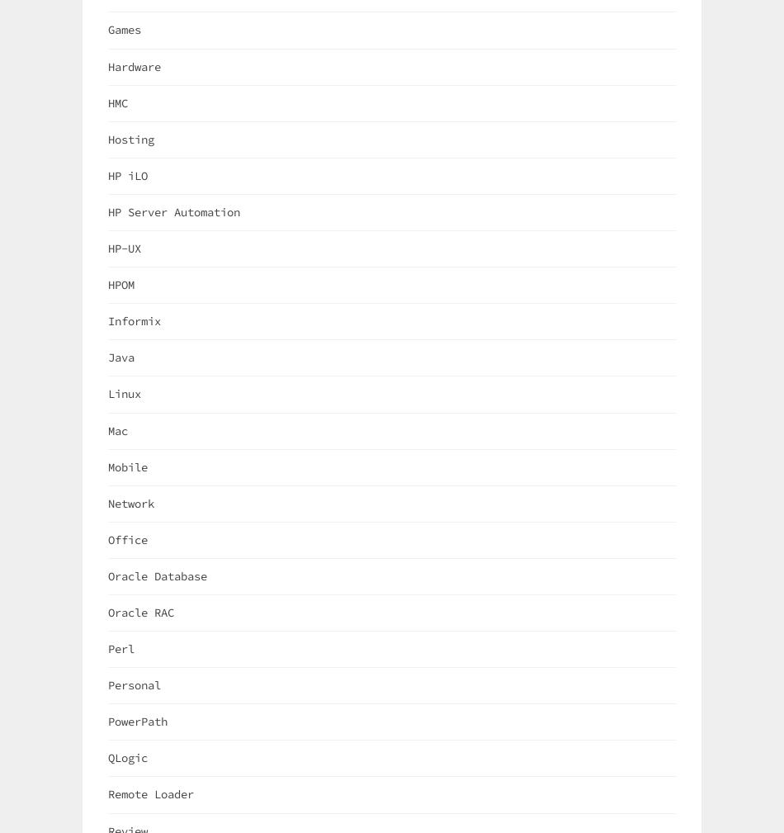 Image resolution: width=784 pixels, height=833 pixels. I want to click on 'Network', so click(108, 503).